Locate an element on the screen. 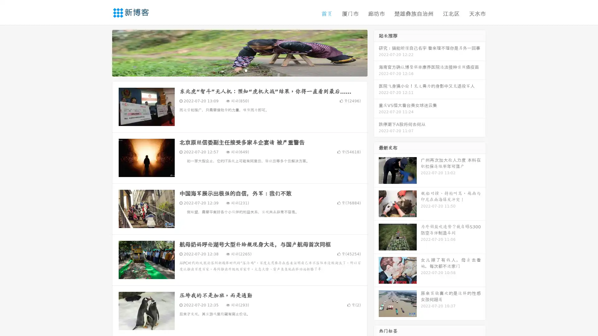  Previous slide is located at coordinates (103, 52).